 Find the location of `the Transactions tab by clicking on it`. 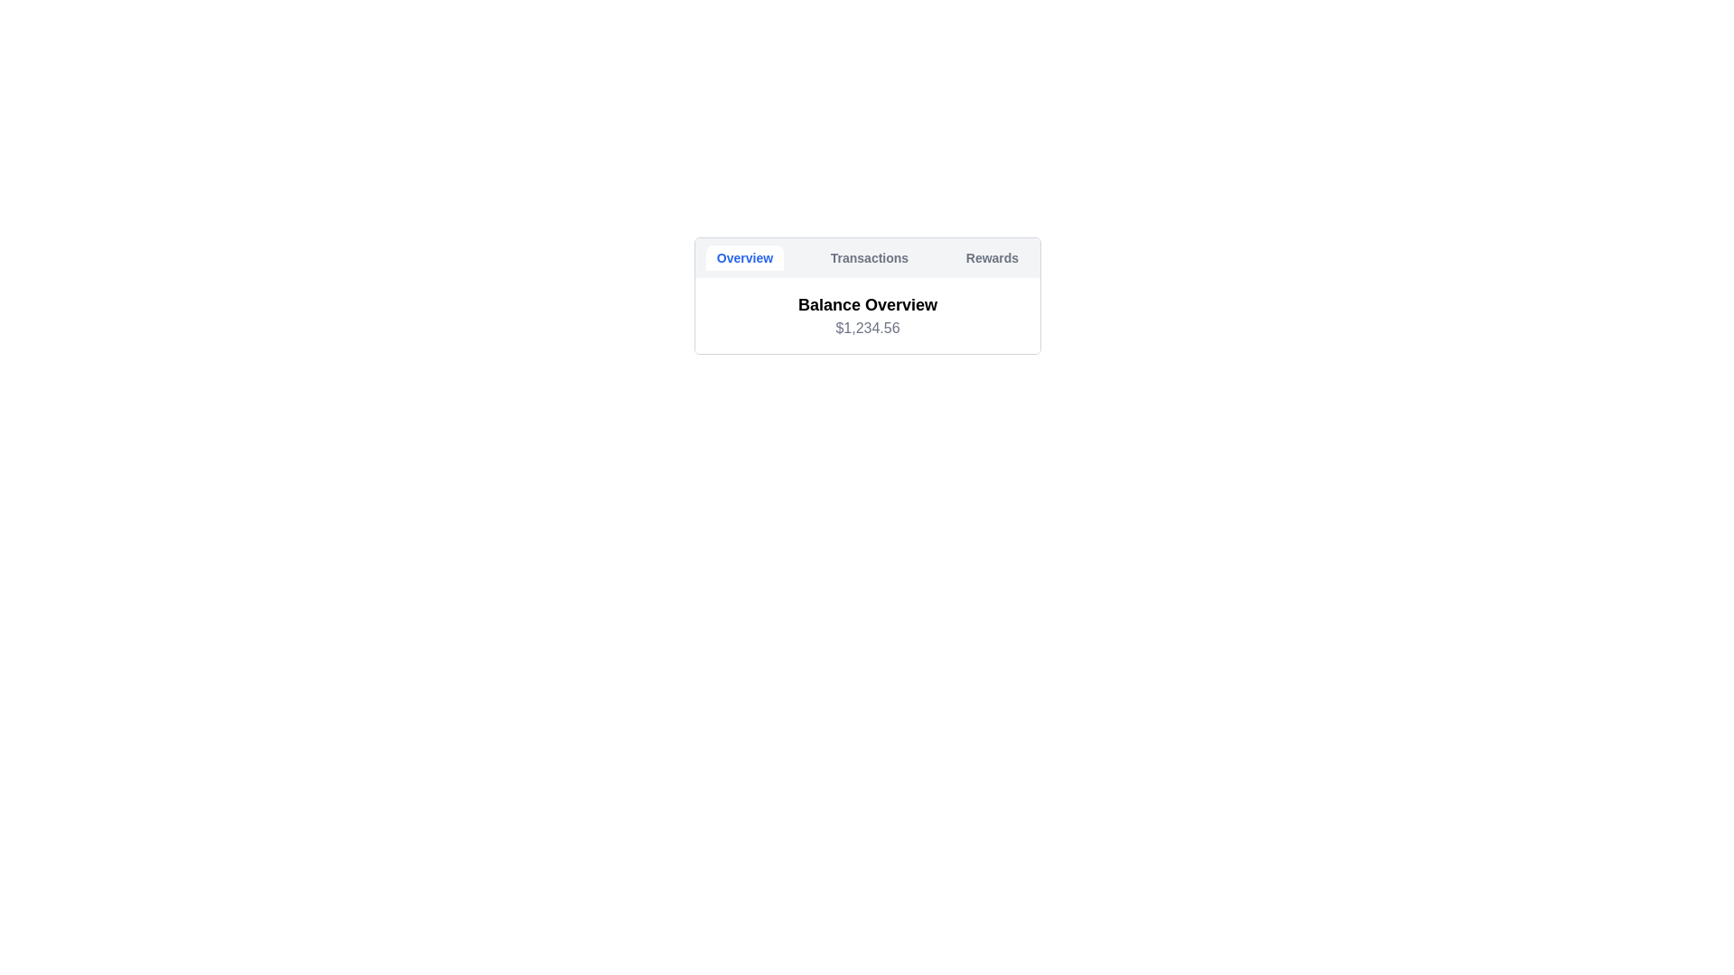

the Transactions tab by clicking on it is located at coordinates (869, 257).